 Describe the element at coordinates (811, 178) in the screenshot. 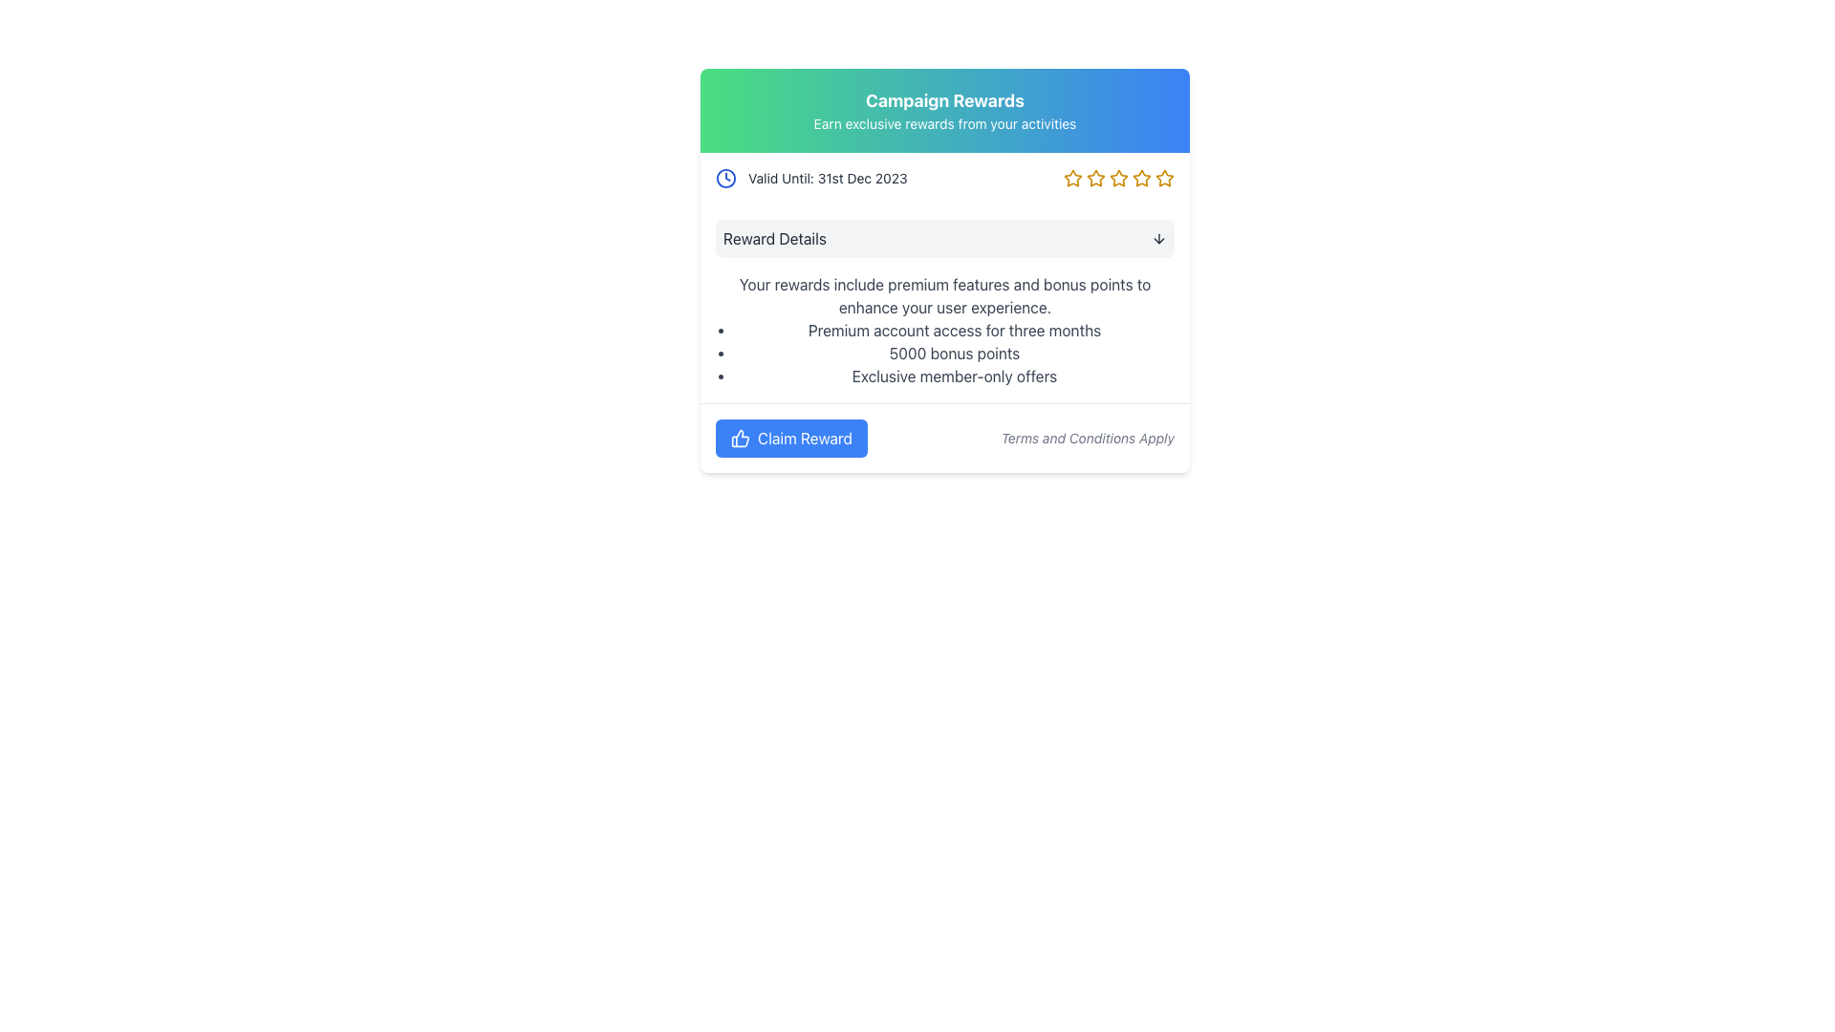

I see `text of the promotional offer validity period located in the header section of the promotional card layout, positioned on the left side adjacent to star icons` at that location.